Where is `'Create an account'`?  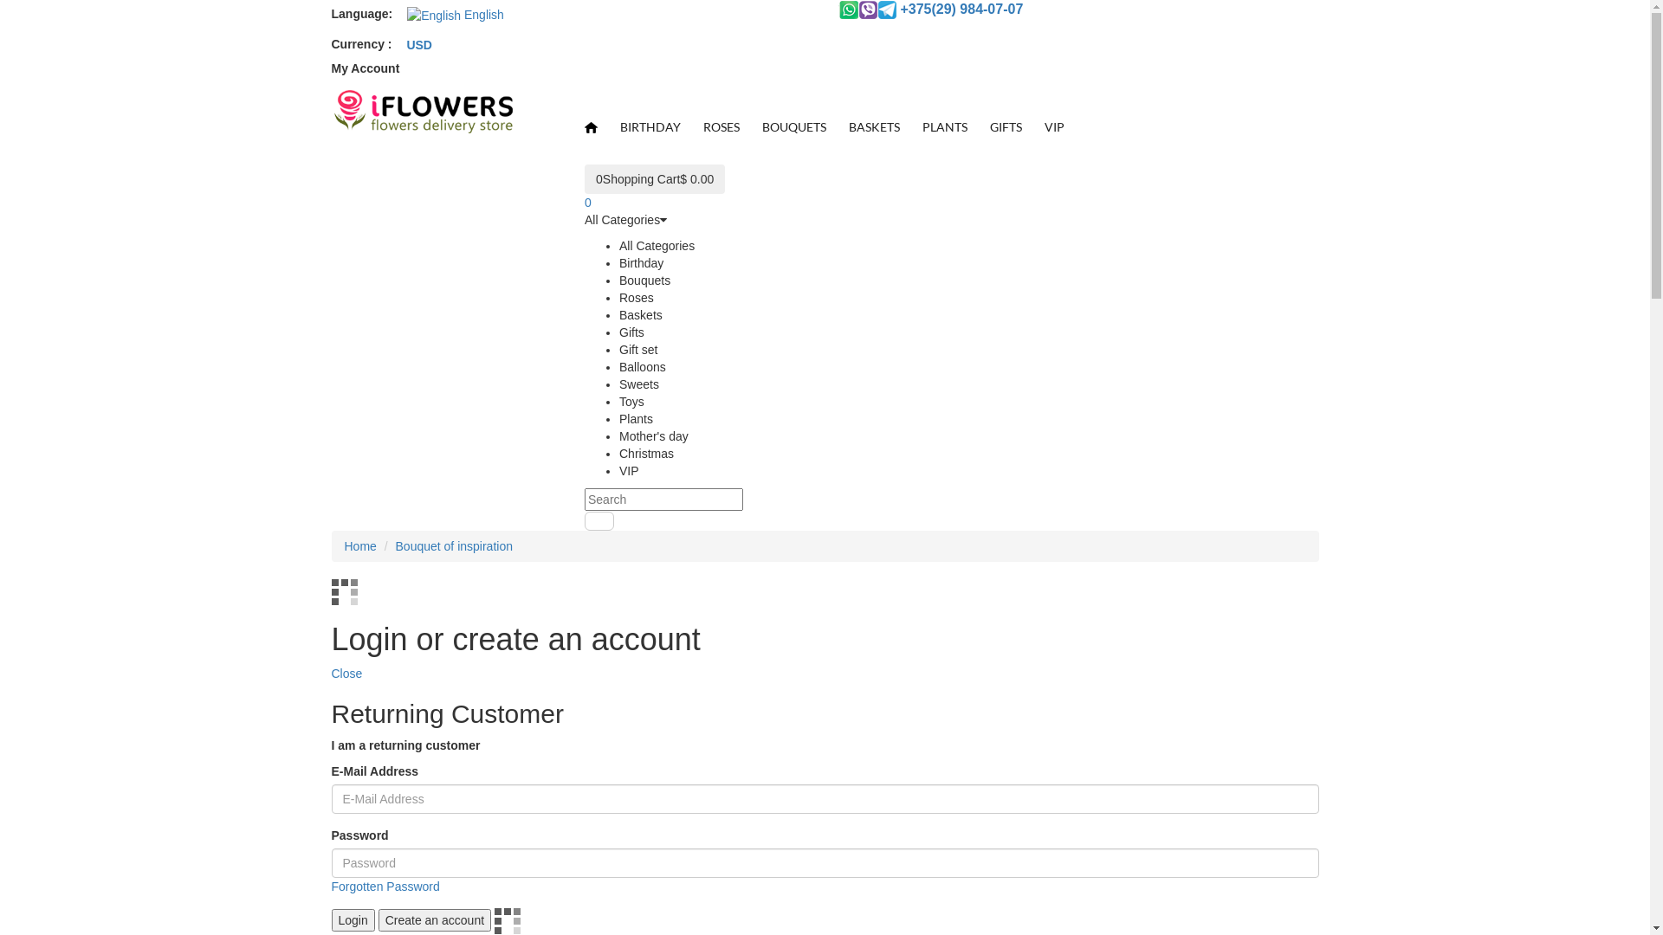 'Create an account' is located at coordinates (435, 919).